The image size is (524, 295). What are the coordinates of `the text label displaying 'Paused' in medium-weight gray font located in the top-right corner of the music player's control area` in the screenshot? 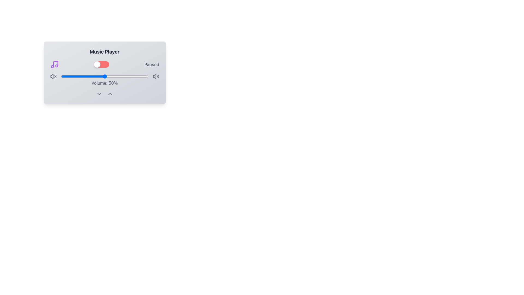 It's located at (152, 64).